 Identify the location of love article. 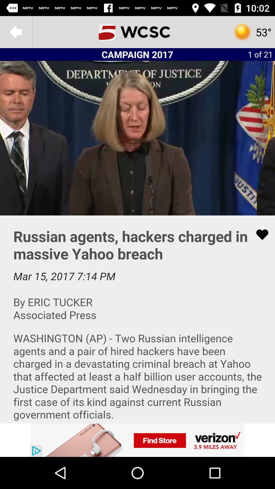
(259, 234).